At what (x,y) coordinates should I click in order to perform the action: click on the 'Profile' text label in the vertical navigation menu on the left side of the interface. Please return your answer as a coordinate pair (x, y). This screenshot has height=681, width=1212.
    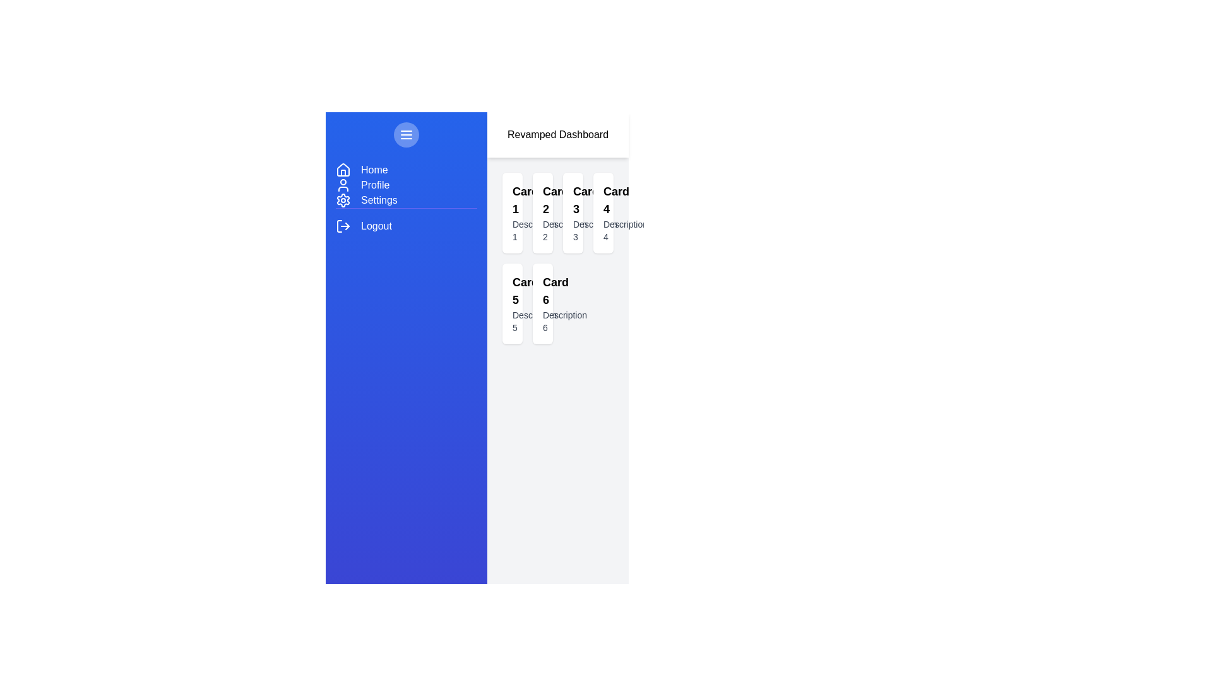
    Looking at the image, I should click on (374, 185).